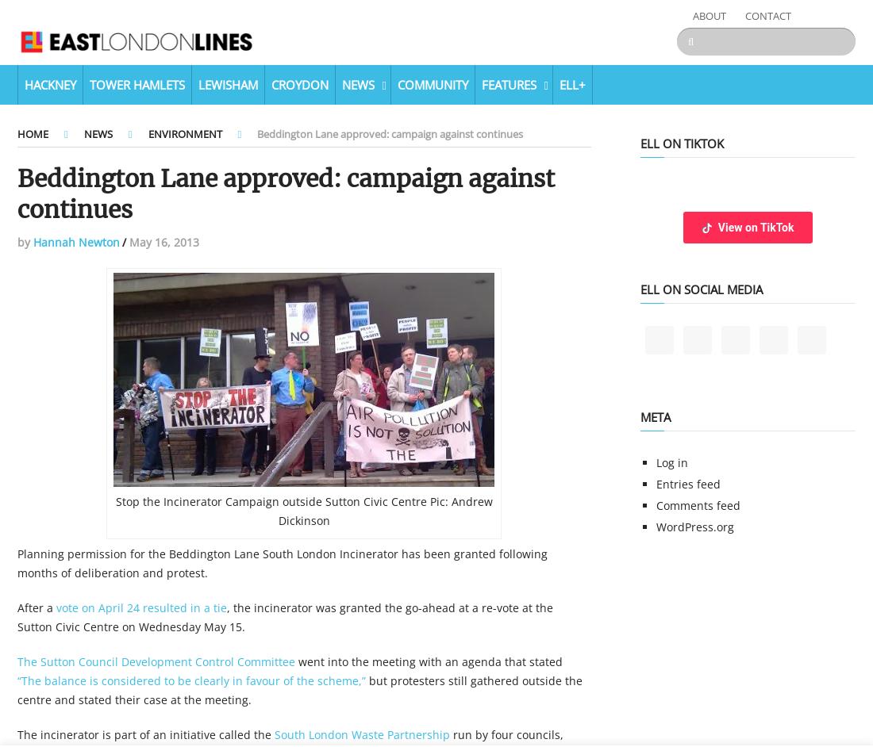 The height and width of the screenshot is (747, 873). I want to click on 'Meta', so click(640, 416).